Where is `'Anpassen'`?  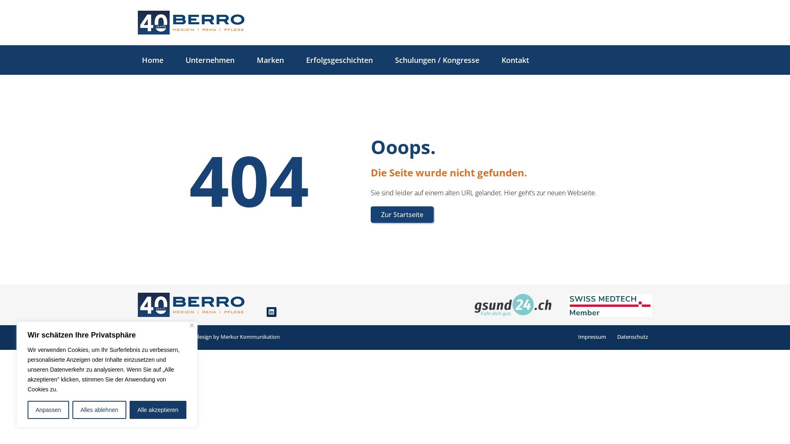
'Anpassen' is located at coordinates (48, 409).